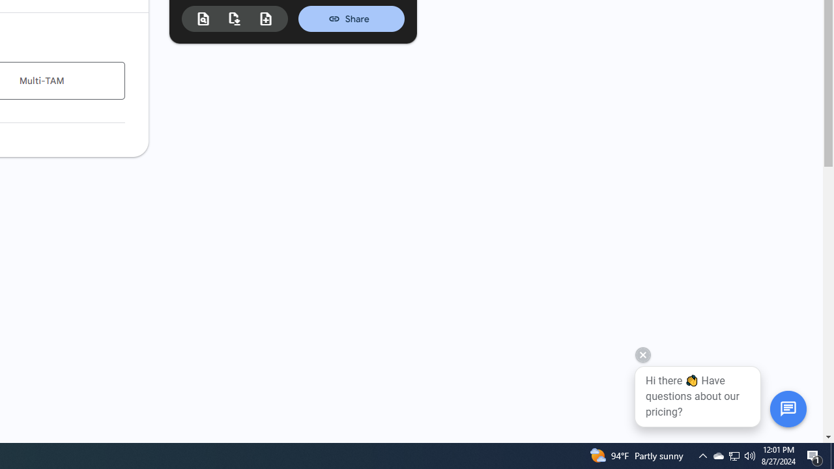 The image size is (834, 469). Describe the element at coordinates (203, 19) in the screenshot. I see `'Open detailed view'` at that location.